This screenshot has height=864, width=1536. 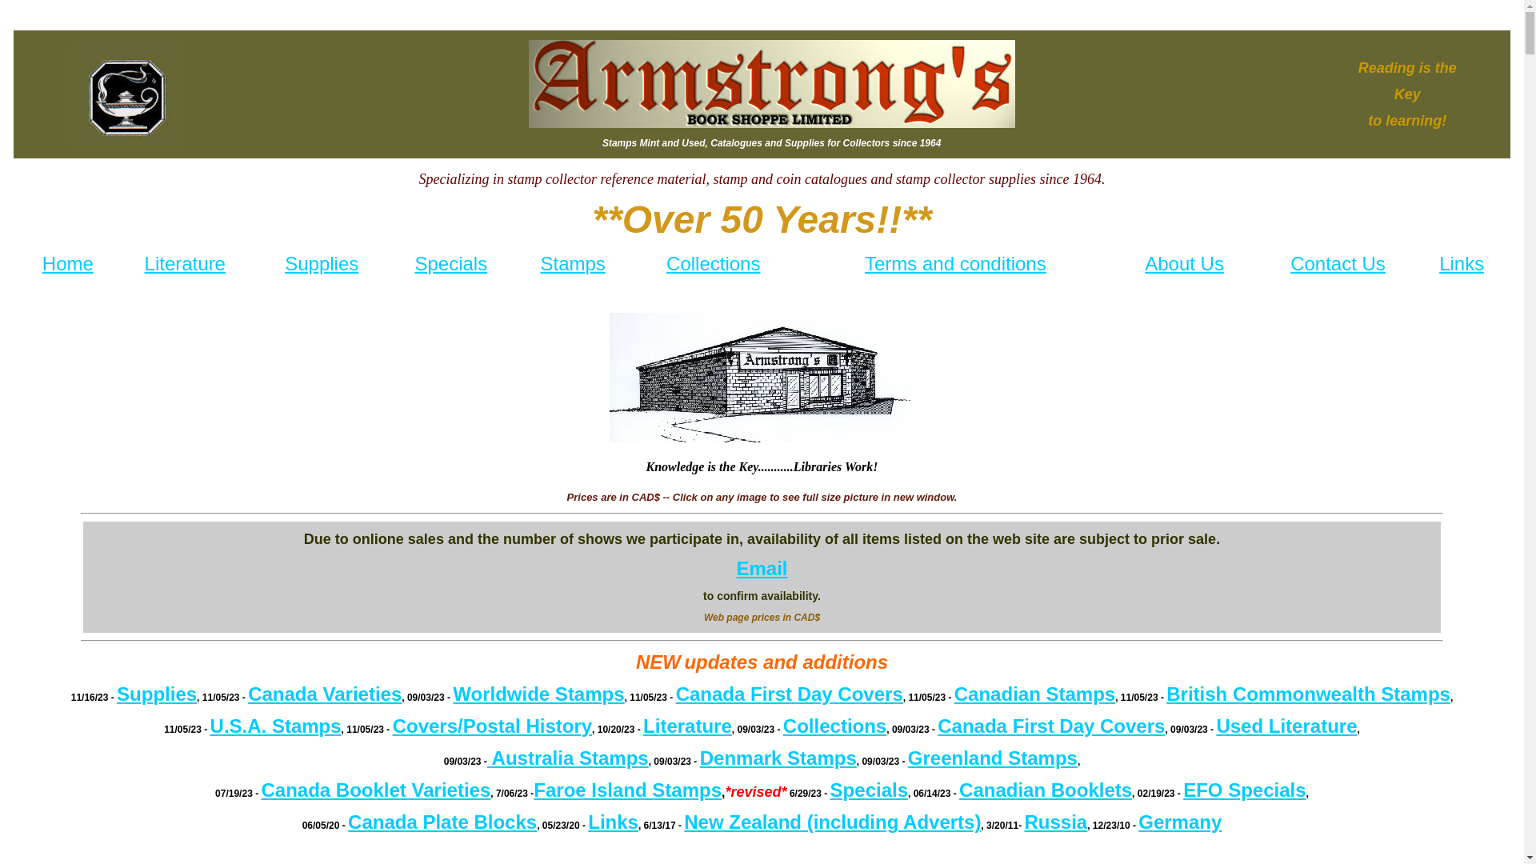 What do you see at coordinates (185, 262) in the screenshot?
I see `'Literature'` at bounding box center [185, 262].